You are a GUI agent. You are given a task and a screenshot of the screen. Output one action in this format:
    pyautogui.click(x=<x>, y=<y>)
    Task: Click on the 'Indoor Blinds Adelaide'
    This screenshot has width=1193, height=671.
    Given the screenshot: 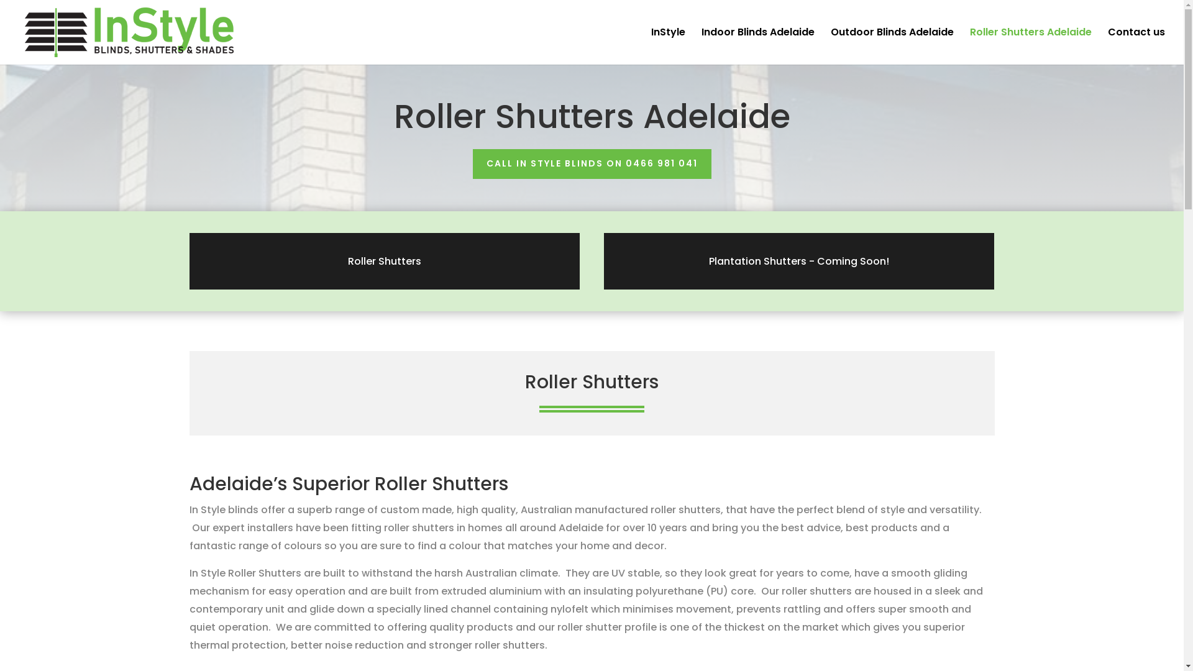 What is the action you would take?
    pyautogui.click(x=757, y=45)
    